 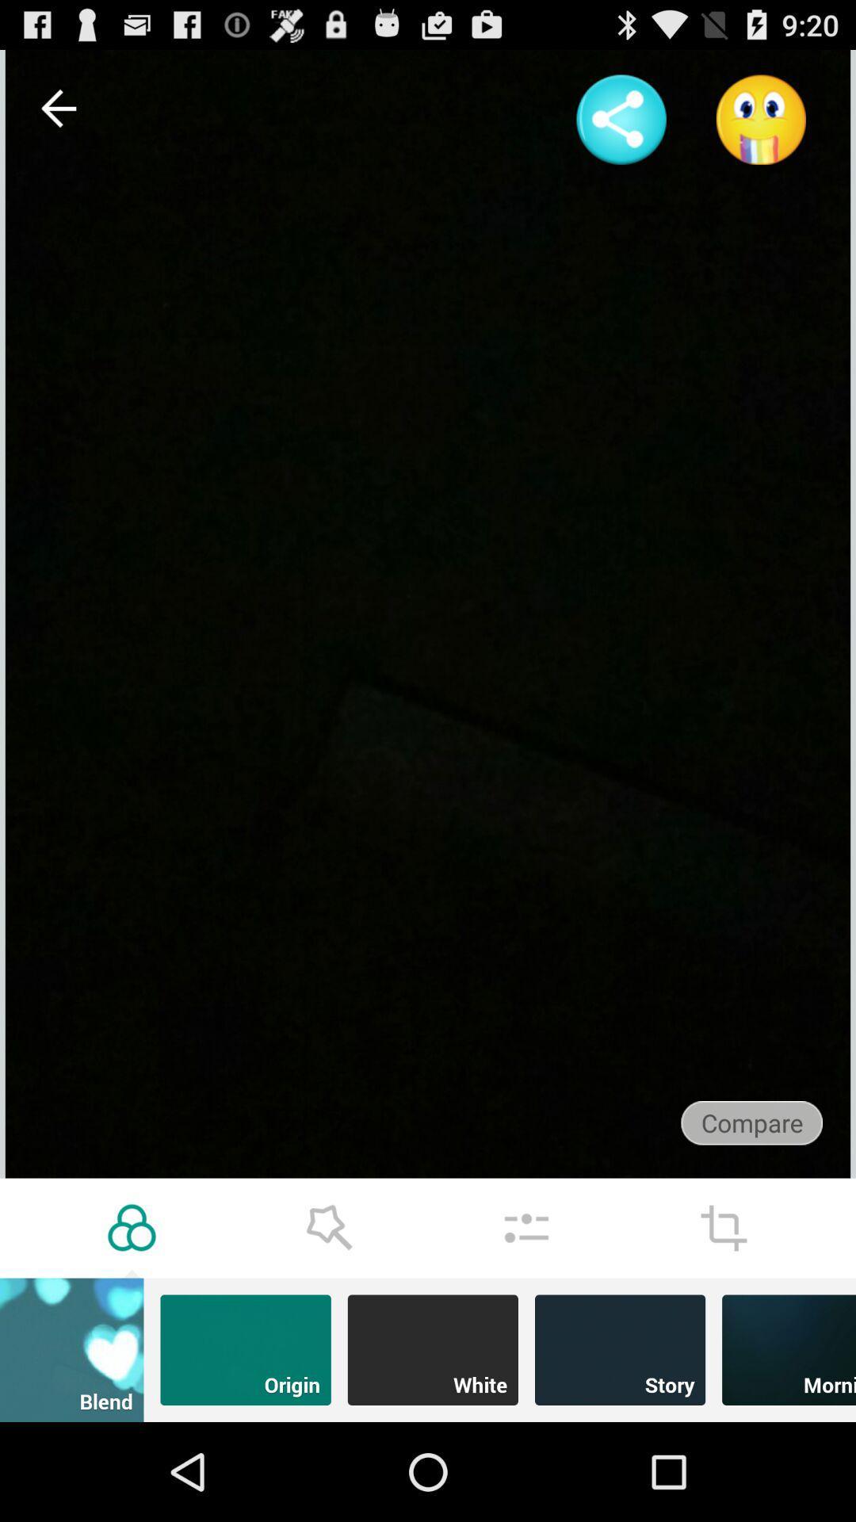 I want to click on the arrow_backward icon, so click(x=57, y=115).